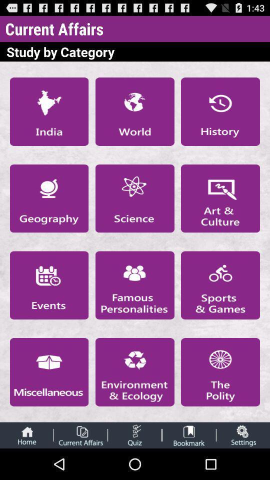 This screenshot has width=270, height=480. Describe the element at coordinates (220, 285) in the screenshot. I see `sports and game affairs` at that location.